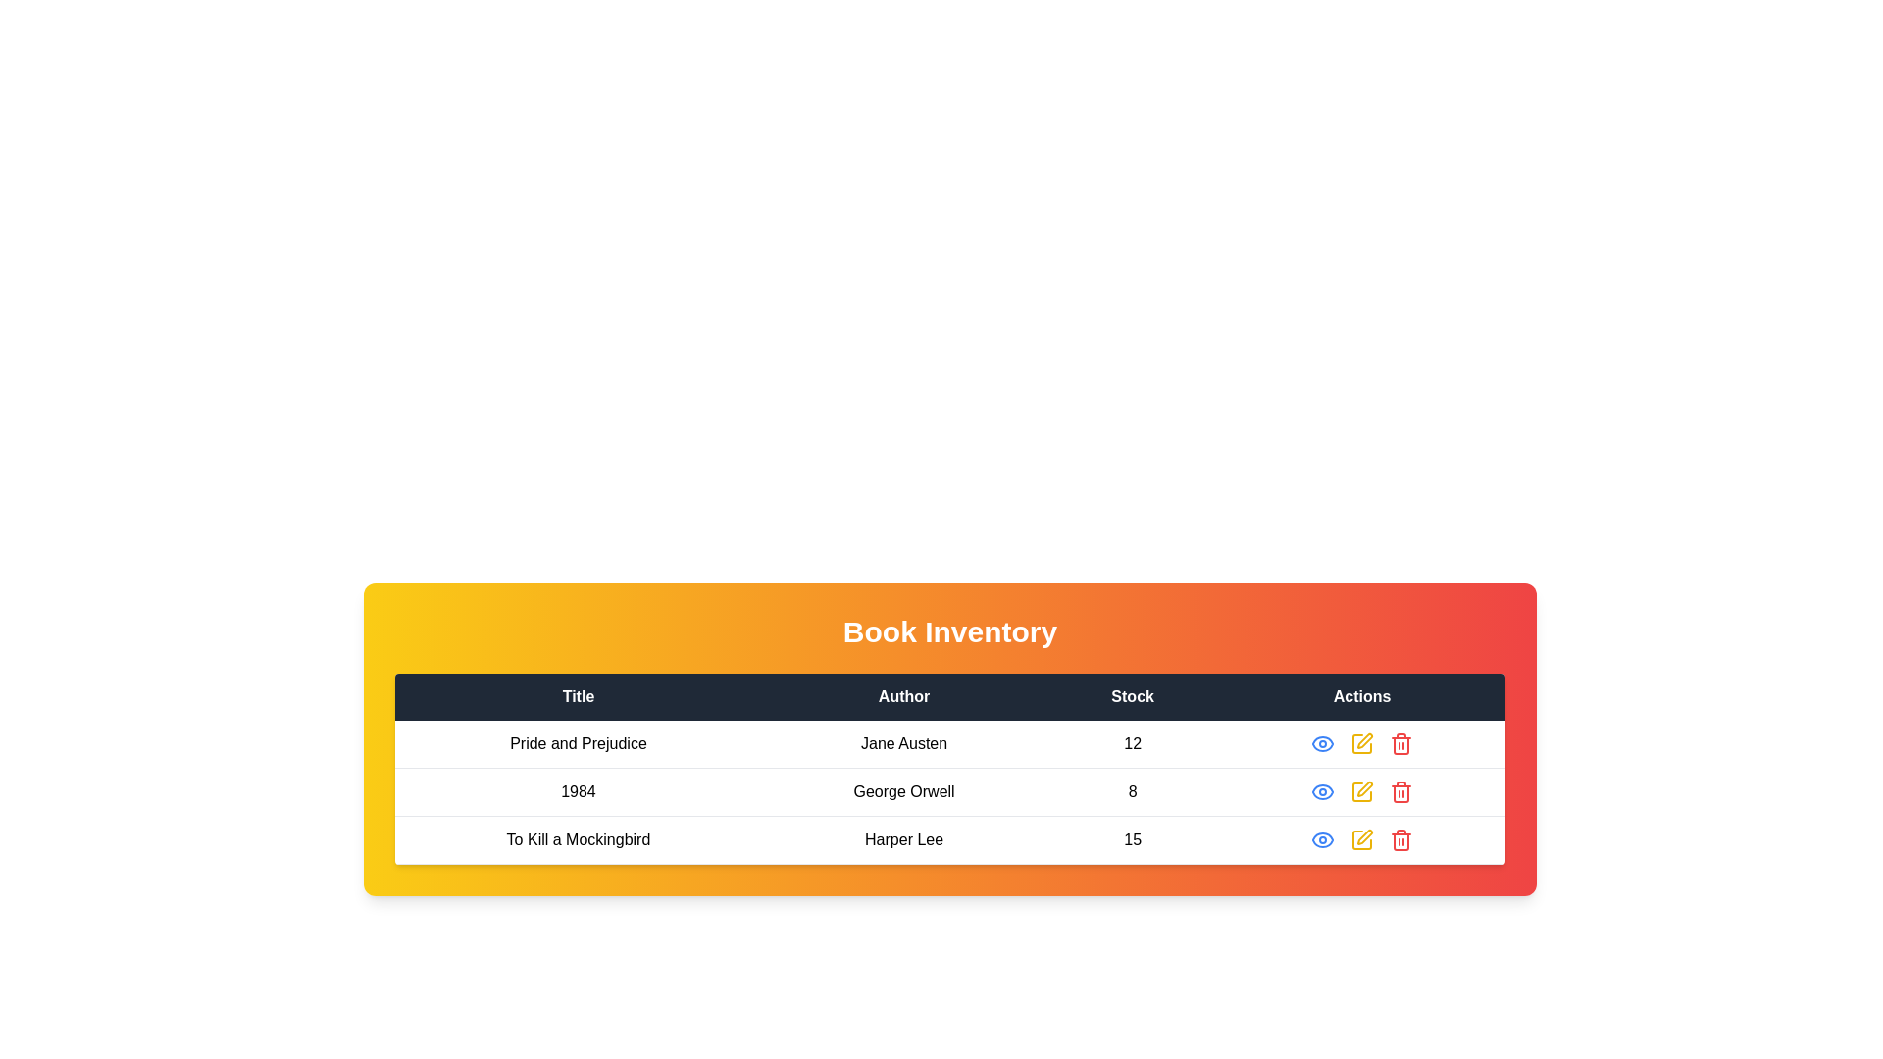 This screenshot has width=1883, height=1059. What do you see at coordinates (1322, 790) in the screenshot?
I see `the eye icon located in the first position of the 'Actions' column in the second row of the table to preview details` at bounding box center [1322, 790].